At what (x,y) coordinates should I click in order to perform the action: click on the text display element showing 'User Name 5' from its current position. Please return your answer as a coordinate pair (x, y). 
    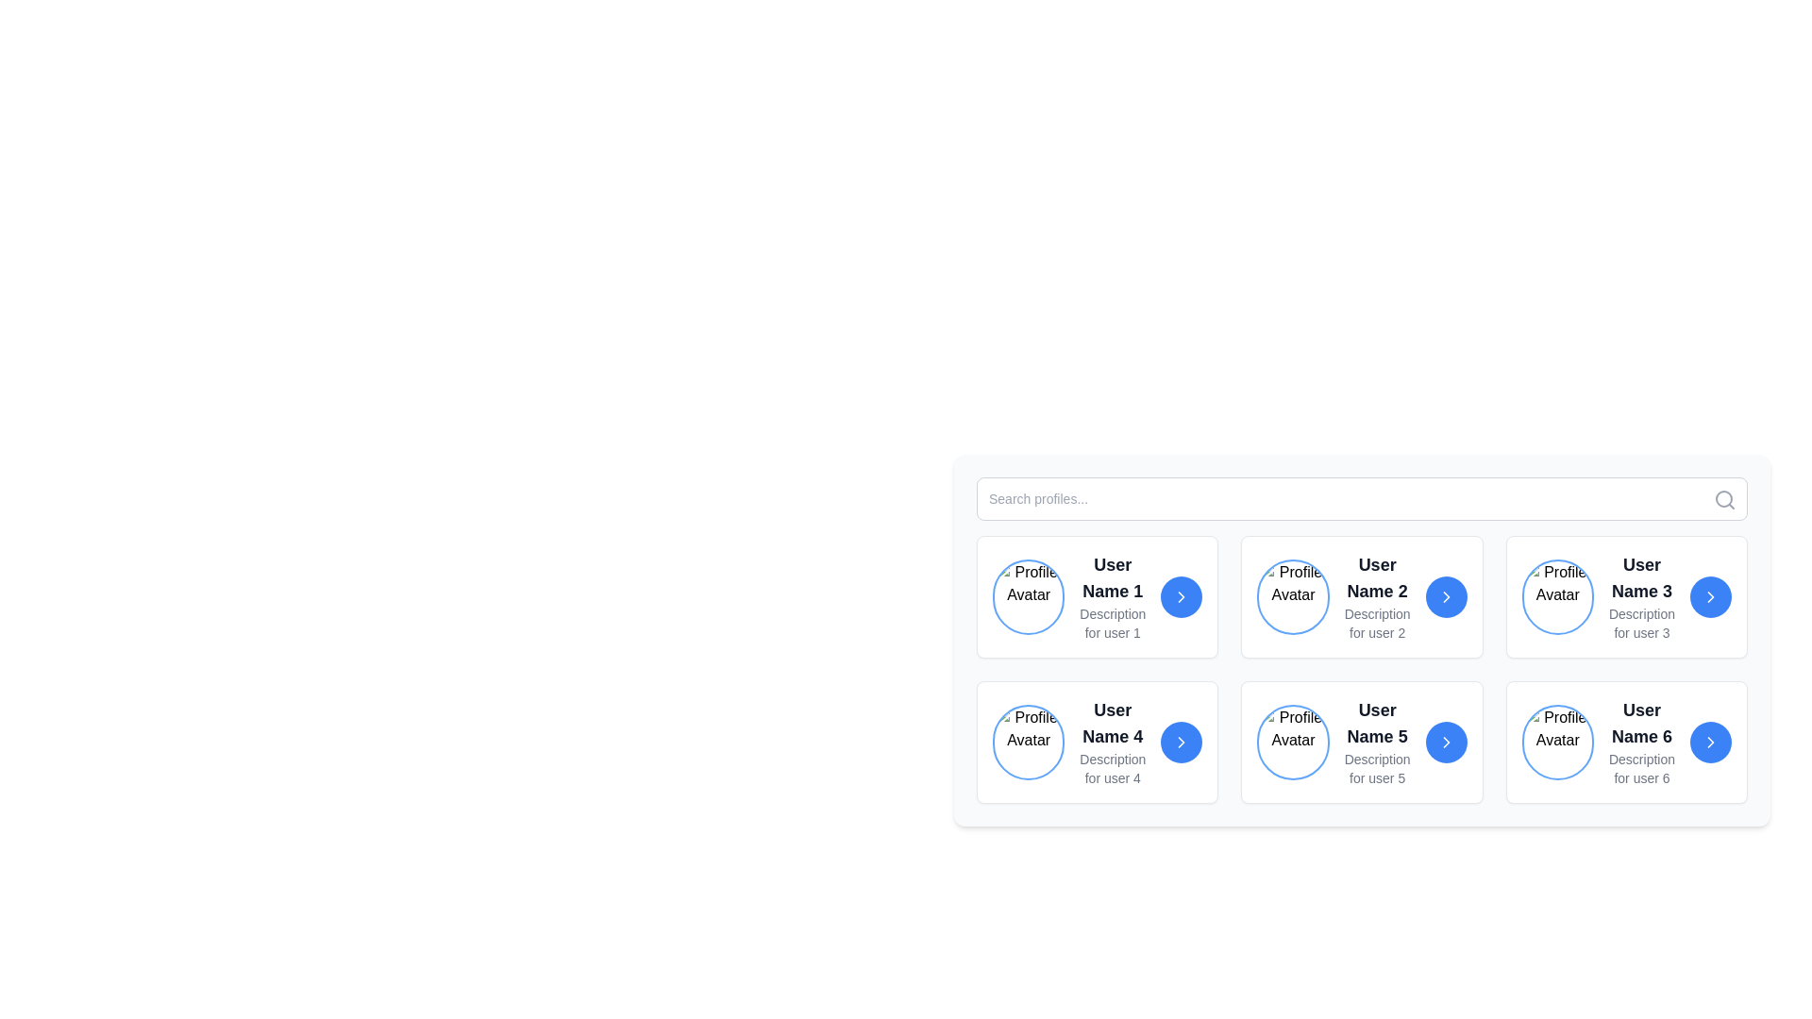
    Looking at the image, I should click on (1377, 741).